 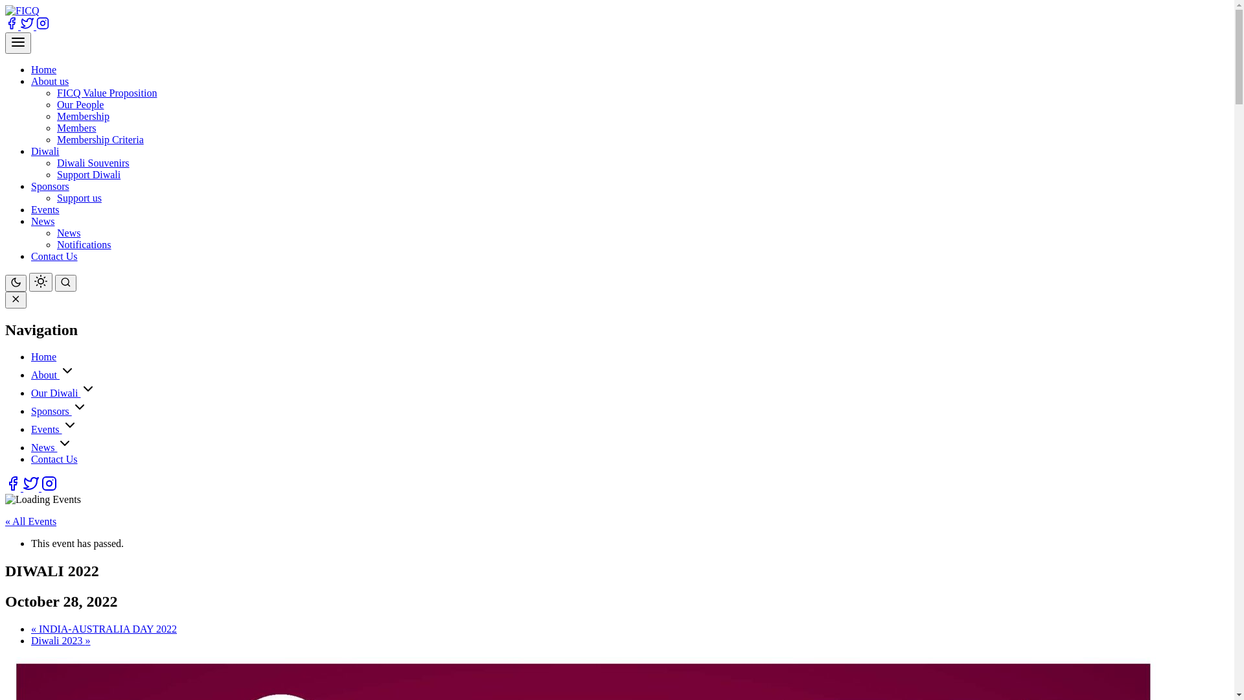 What do you see at coordinates (49, 81) in the screenshot?
I see `'About us'` at bounding box center [49, 81].